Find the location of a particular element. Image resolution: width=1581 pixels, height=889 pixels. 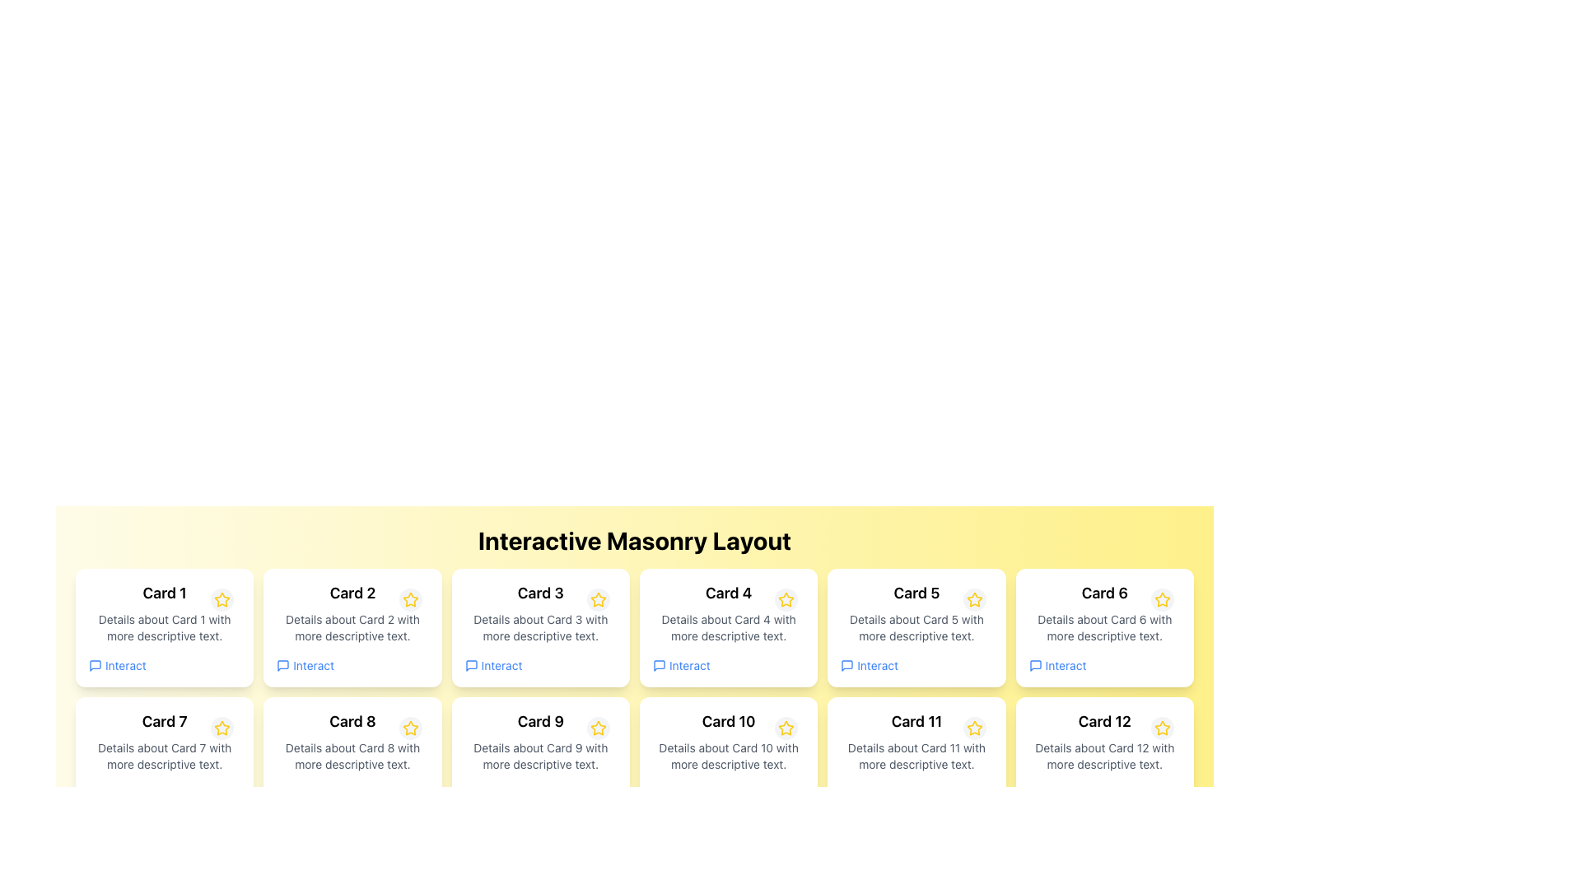

the rating star icon associated with 'Card 8' located in the fourth column of the second row of the grid to signify importance or preference is located at coordinates (410, 727).